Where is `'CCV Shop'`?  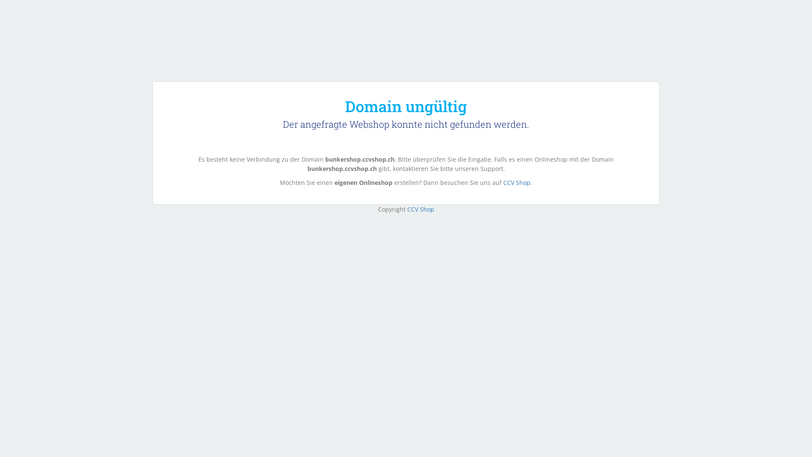 'CCV Shop' is located at coordinates (420, 209).